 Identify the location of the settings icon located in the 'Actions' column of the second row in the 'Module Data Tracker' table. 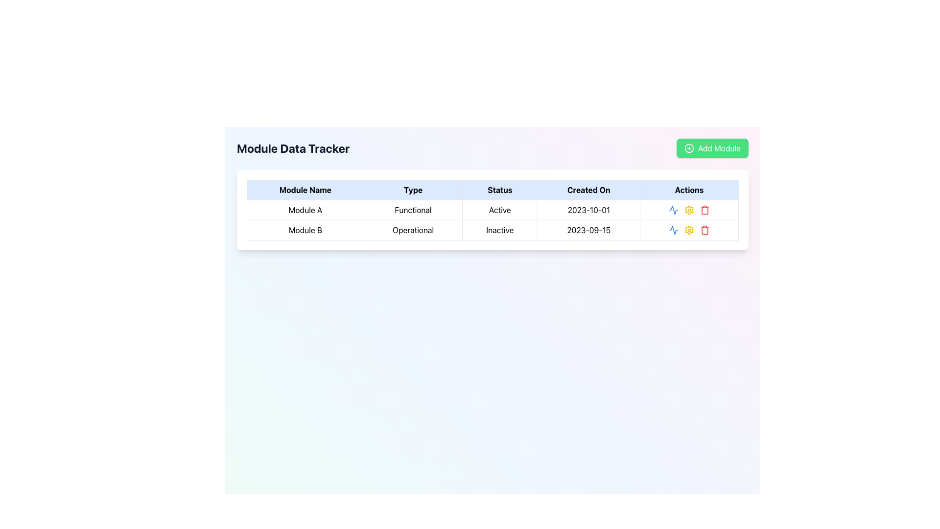
(688, 209).